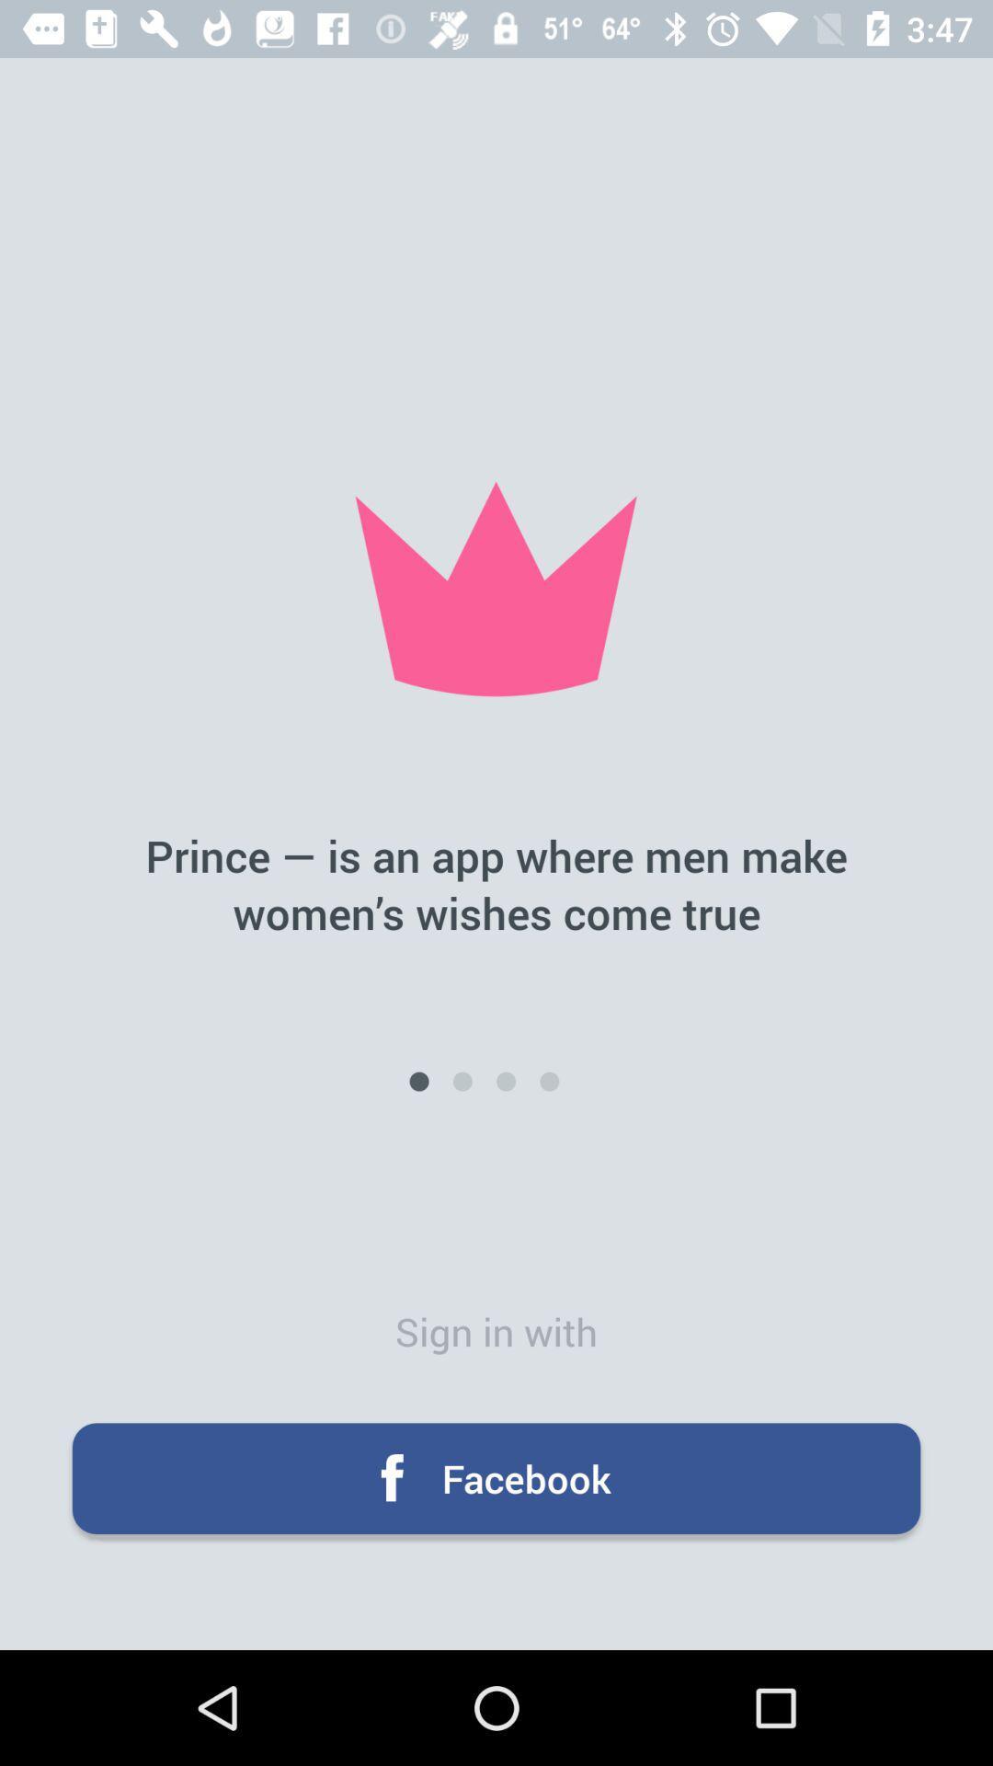 Image resolution: width=993 pixels, height=1766 pixels. I want to click on icon below prince is an, so click(506, 1082).